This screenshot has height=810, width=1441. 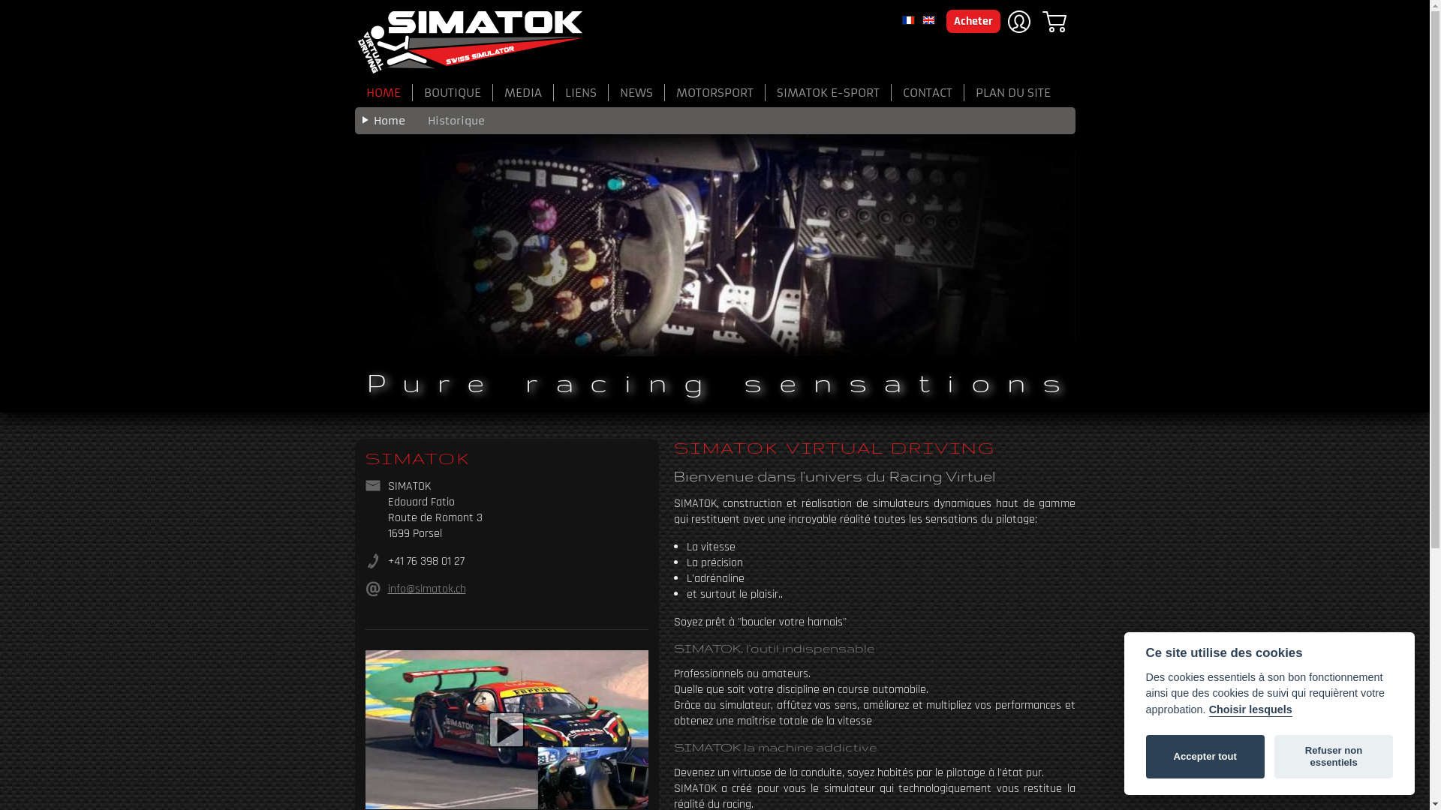 What do you see at coordinates (1250, 709) in the screenshot?
I see `'Choisir lesquels'` at bounding box center [1250, 709].